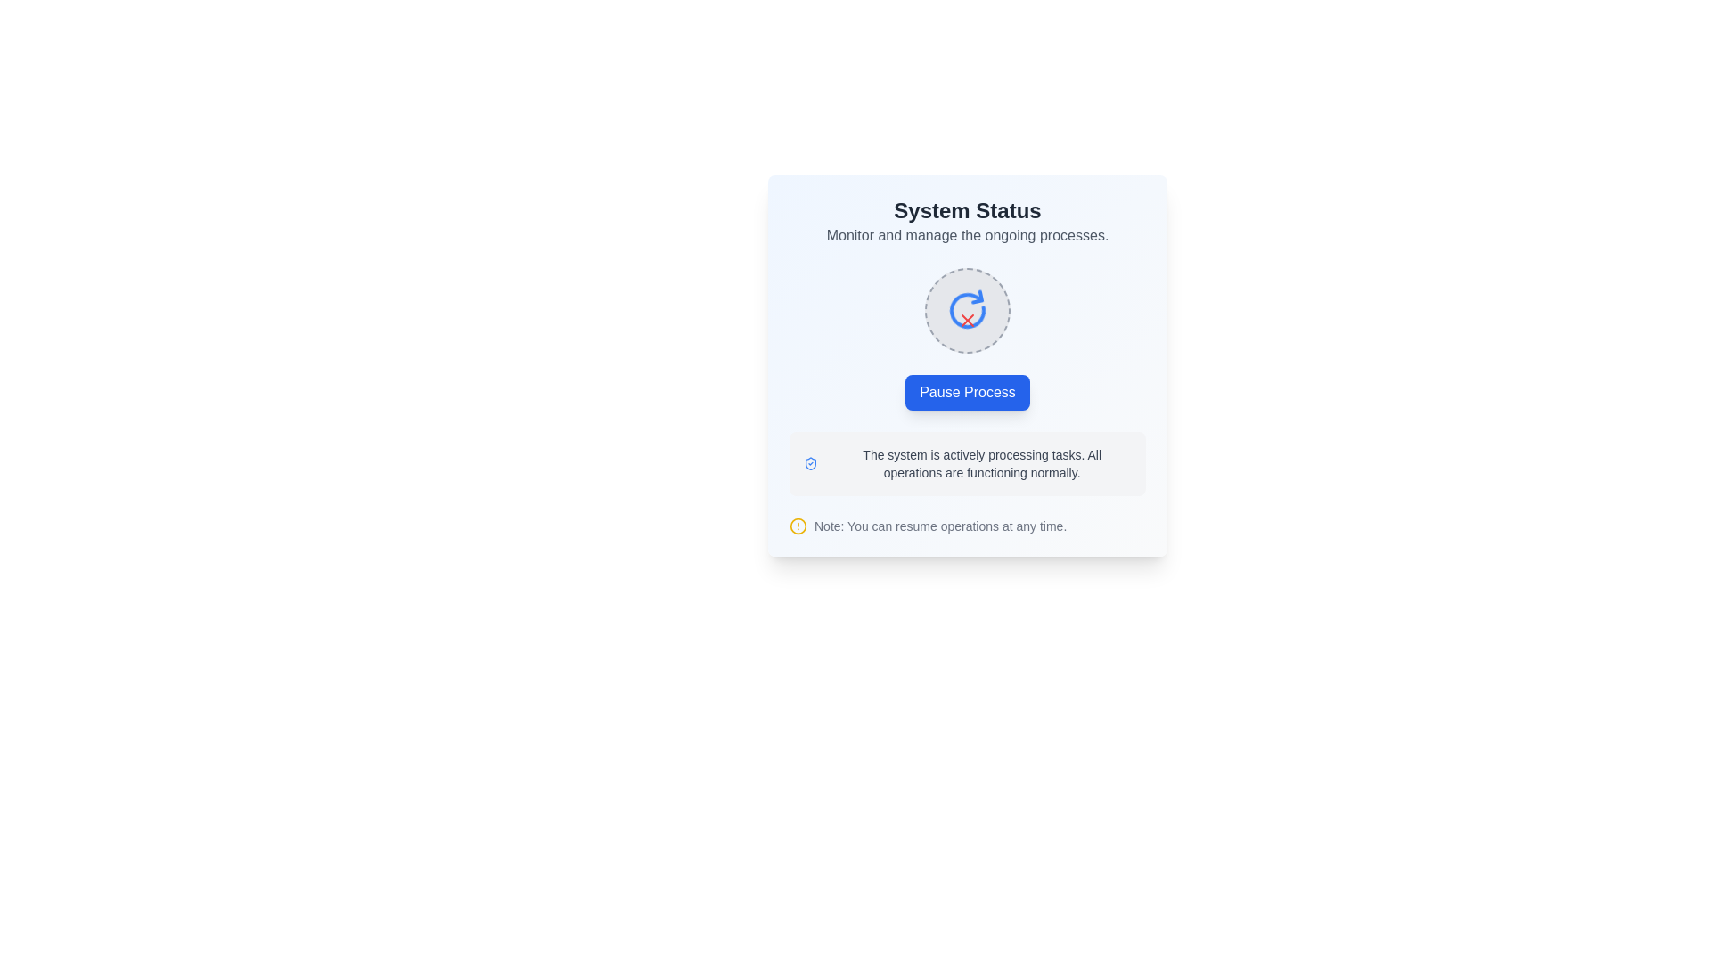 The image size is (1711, 962). Describe the element at coordinates (981, 462) in the screenshot. I see `the Text Label that provides status information about system operations to potentially trigger a tooltip` at that location.